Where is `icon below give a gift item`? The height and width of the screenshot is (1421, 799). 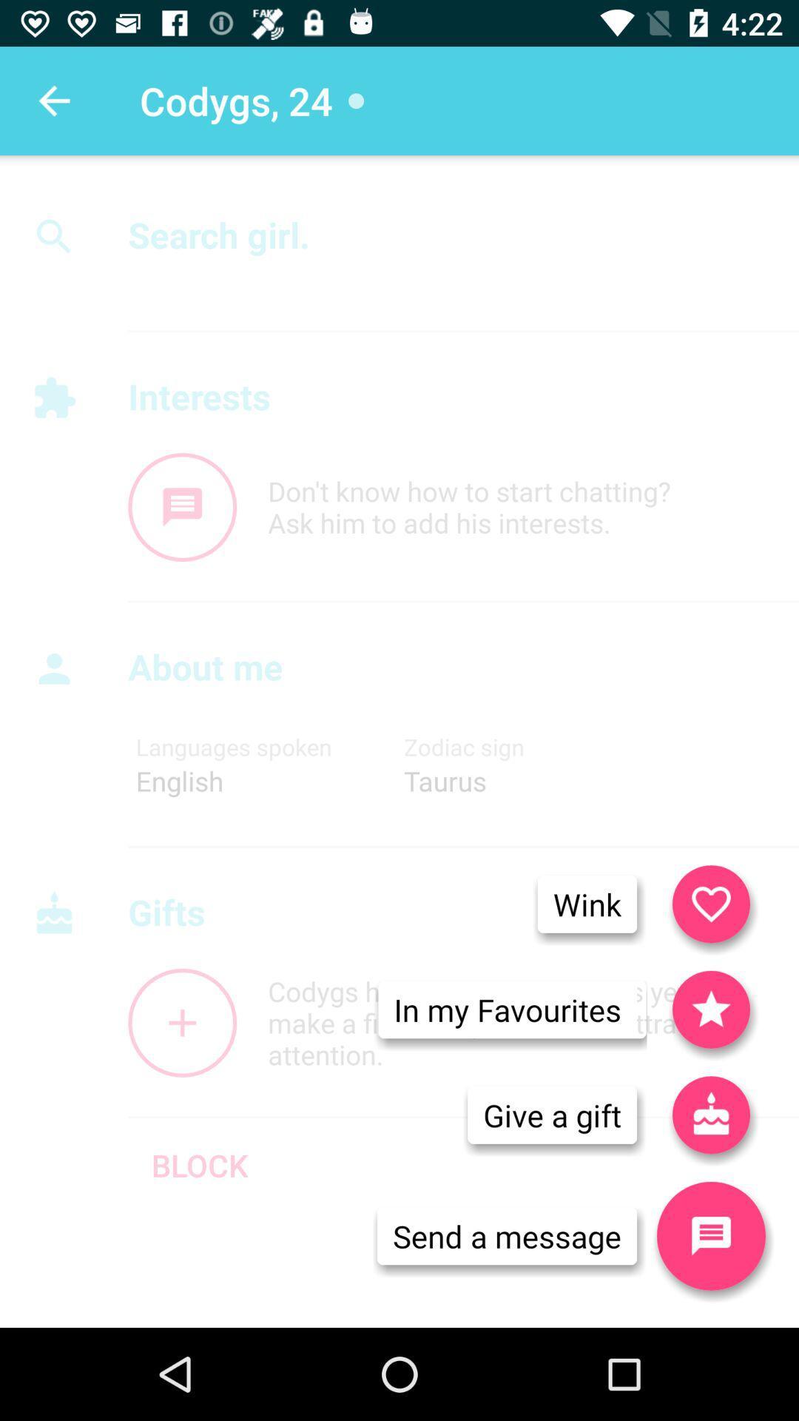
icon below give a gift item is located at coordinates (506, 1236).